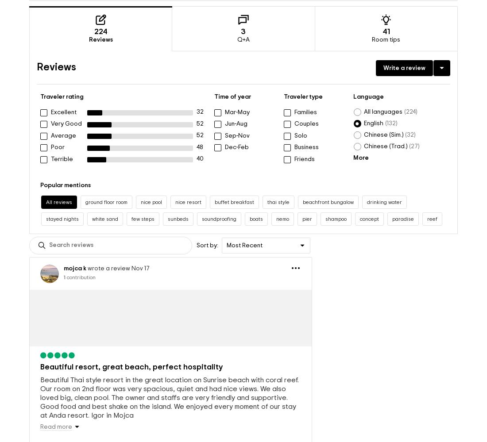 Image resolution: width=487 pixels, height=442 pixels. Describe the element at coordinates (234, 187) in the screenshot. I see `'buffet breakfast'` at that location.